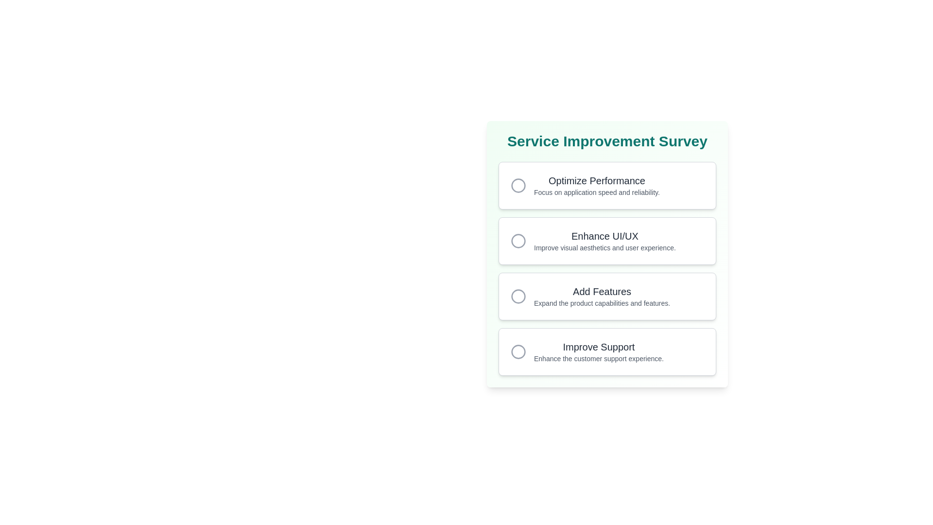 Image resolution: width=933 pixels, height=525 pixels. Describe the element at coordinates (604, 236) in the screenshot. I see `text header 'Enhance UI/UX' which is prominently displayed in bold lettering above the subtitle in a survey card layout` at that location.